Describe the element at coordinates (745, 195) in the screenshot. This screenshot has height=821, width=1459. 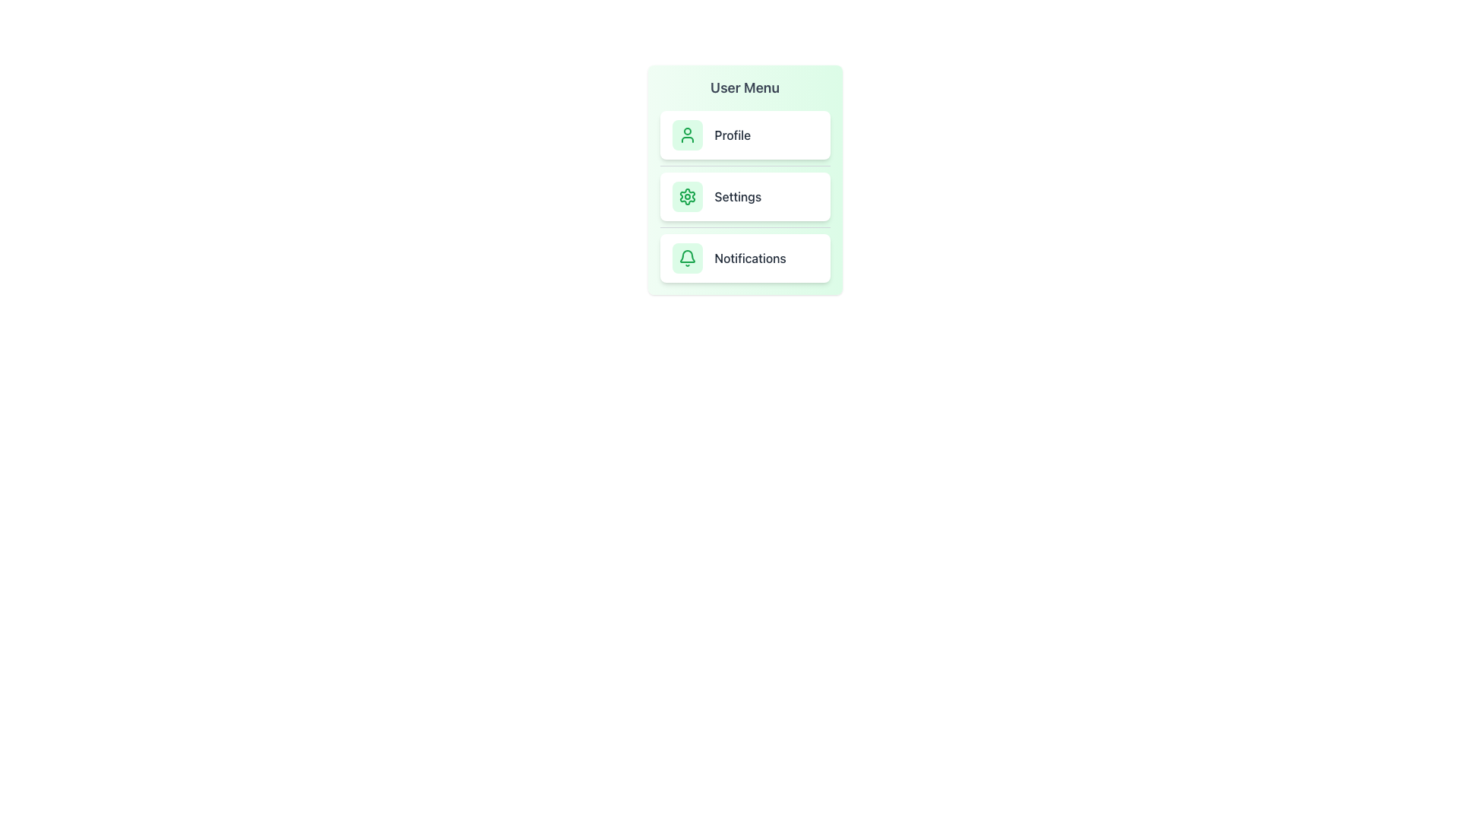
I see `the 'Settings' button, which is styled as a rounded rectangle with a white background and a green gear icon, located in the 'User Menu' group between the 'Profile' and 'Notifications' buttons` at that location.